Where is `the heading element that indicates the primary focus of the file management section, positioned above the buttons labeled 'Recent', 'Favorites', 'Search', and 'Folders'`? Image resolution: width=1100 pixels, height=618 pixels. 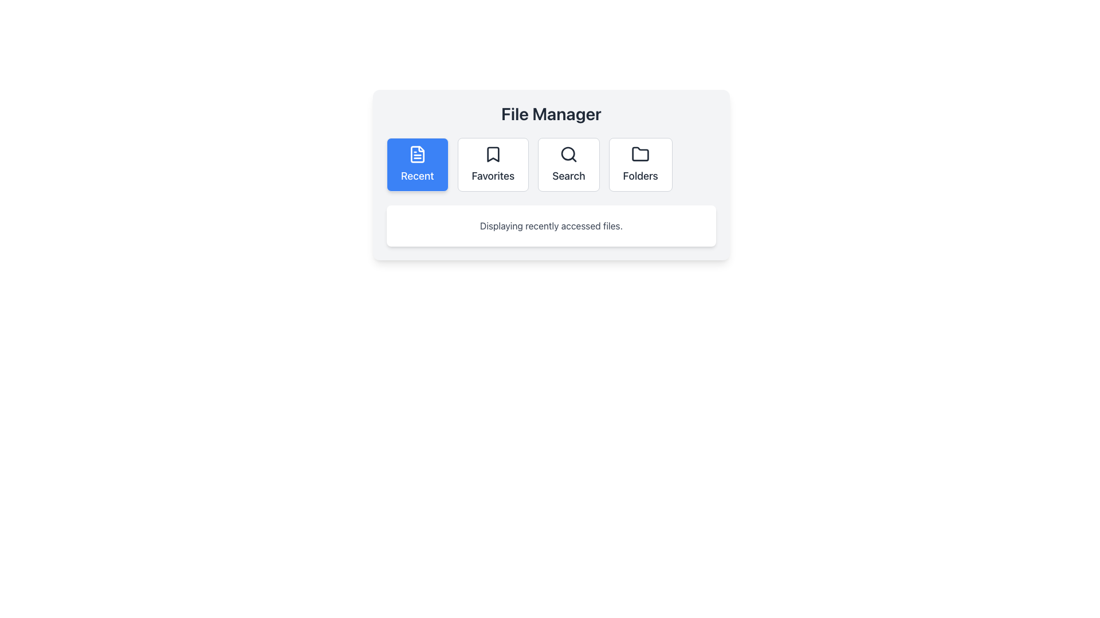 the heading element that indicates the primary focus of the file management section, positioned above the buttons labeled 'Recent', 'Favorites', 'Search', and 'Folders' is located at coordinates (551, 114).